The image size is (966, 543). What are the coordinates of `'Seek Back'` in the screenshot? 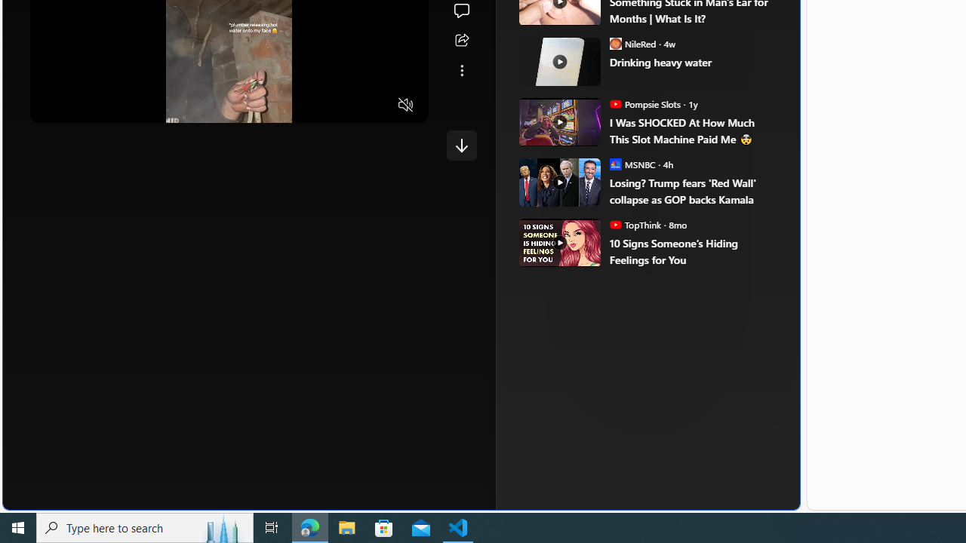 It's located at (82, 104).